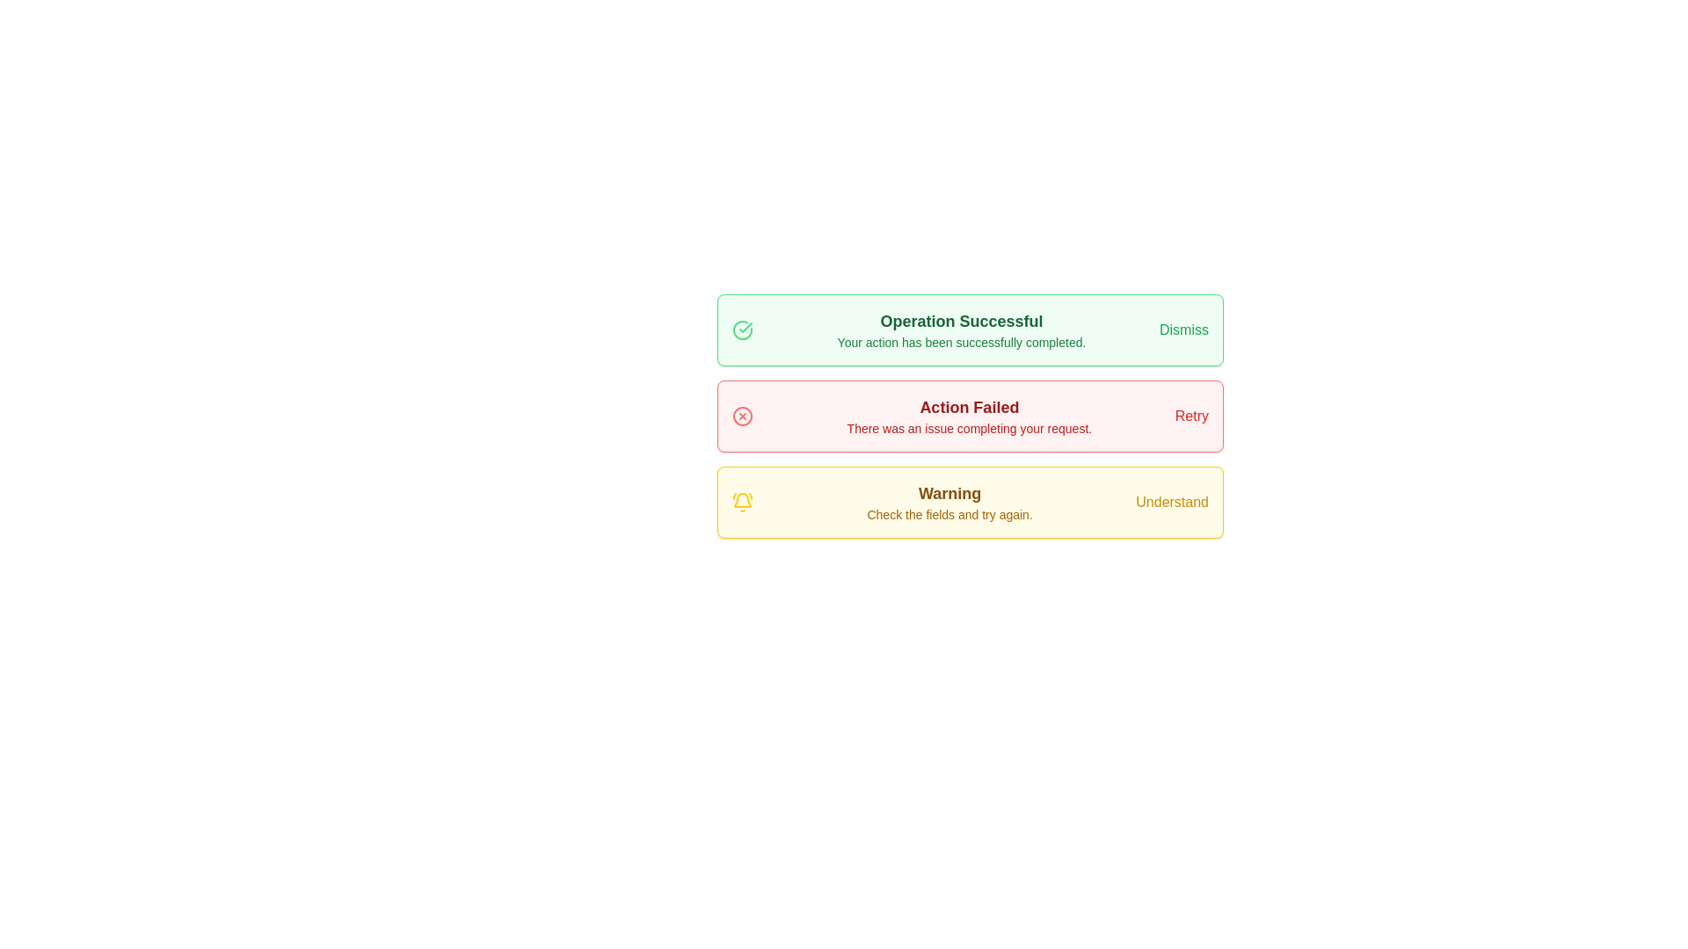 Image resolution: width=1688 pixels, height=949 pixels. I want to click on the yellow 'Understand' text button located at the far right of the warning block to acknowledge or dismiss the warning, so click(1172, 502).